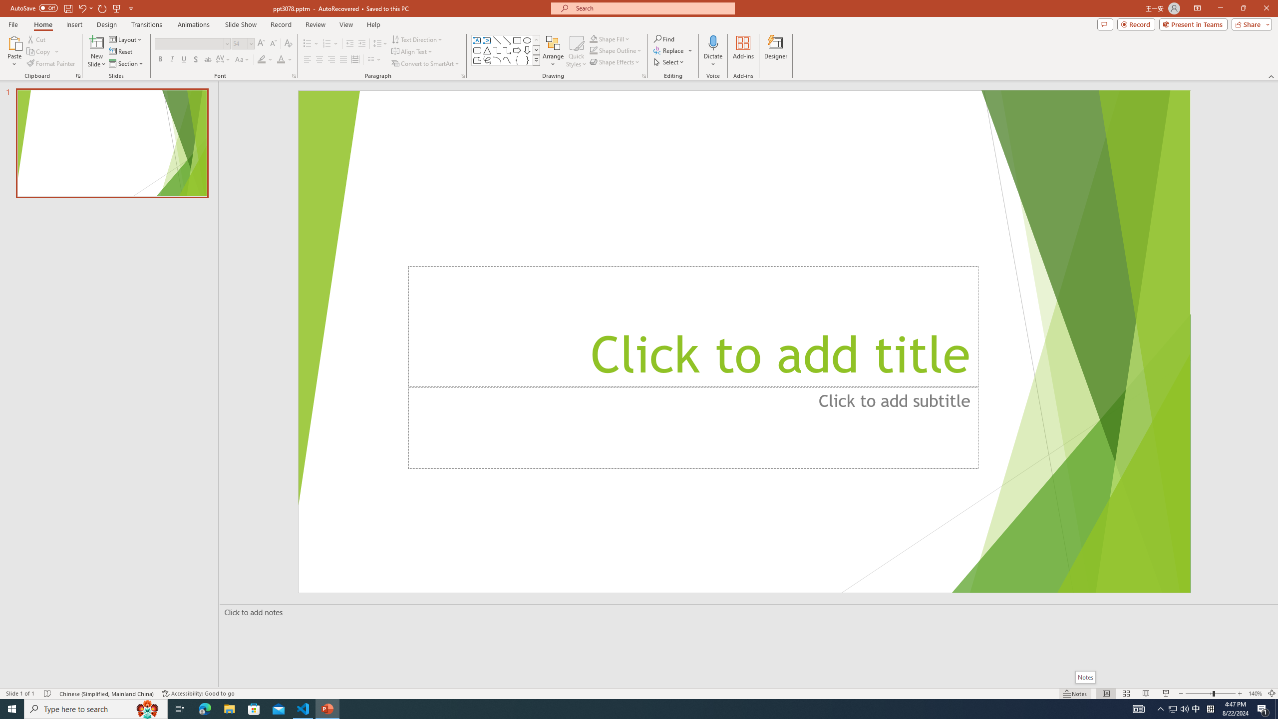  Describe the element at coordinates (1084, 677) in the screenshot. I see `'Notes'` at that location.